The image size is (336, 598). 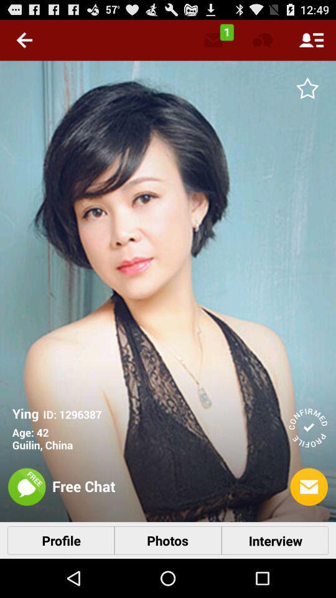 What do you see at coordinates (308, 521) in the screenshot?
I see `the email icon` at bounding box center [308, 521].